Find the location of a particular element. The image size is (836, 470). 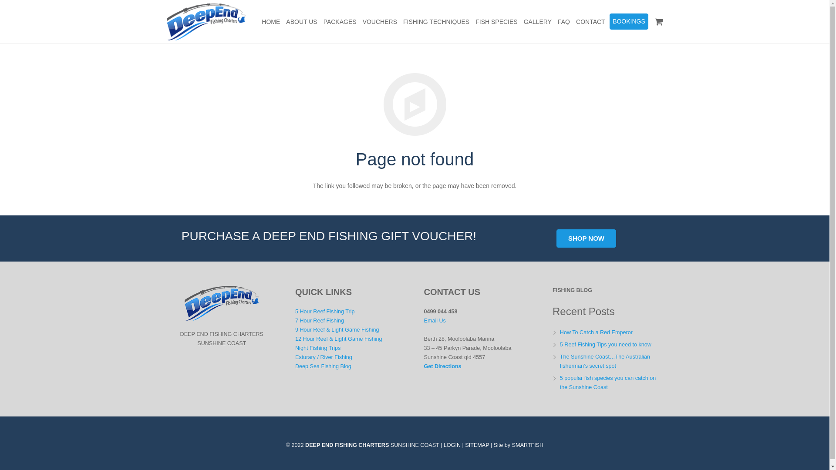

'SHOP NOW' is located at coordinates (586, 238).